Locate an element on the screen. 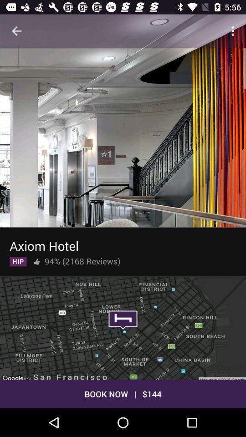  item below the axiom hotel is located at coordinates (82, 259).